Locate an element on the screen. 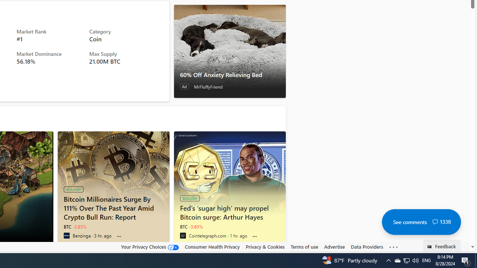 The width and height of the screenshot is (477, 268). 'Consumer Health Privacy' is located at coordinates (212, 246).